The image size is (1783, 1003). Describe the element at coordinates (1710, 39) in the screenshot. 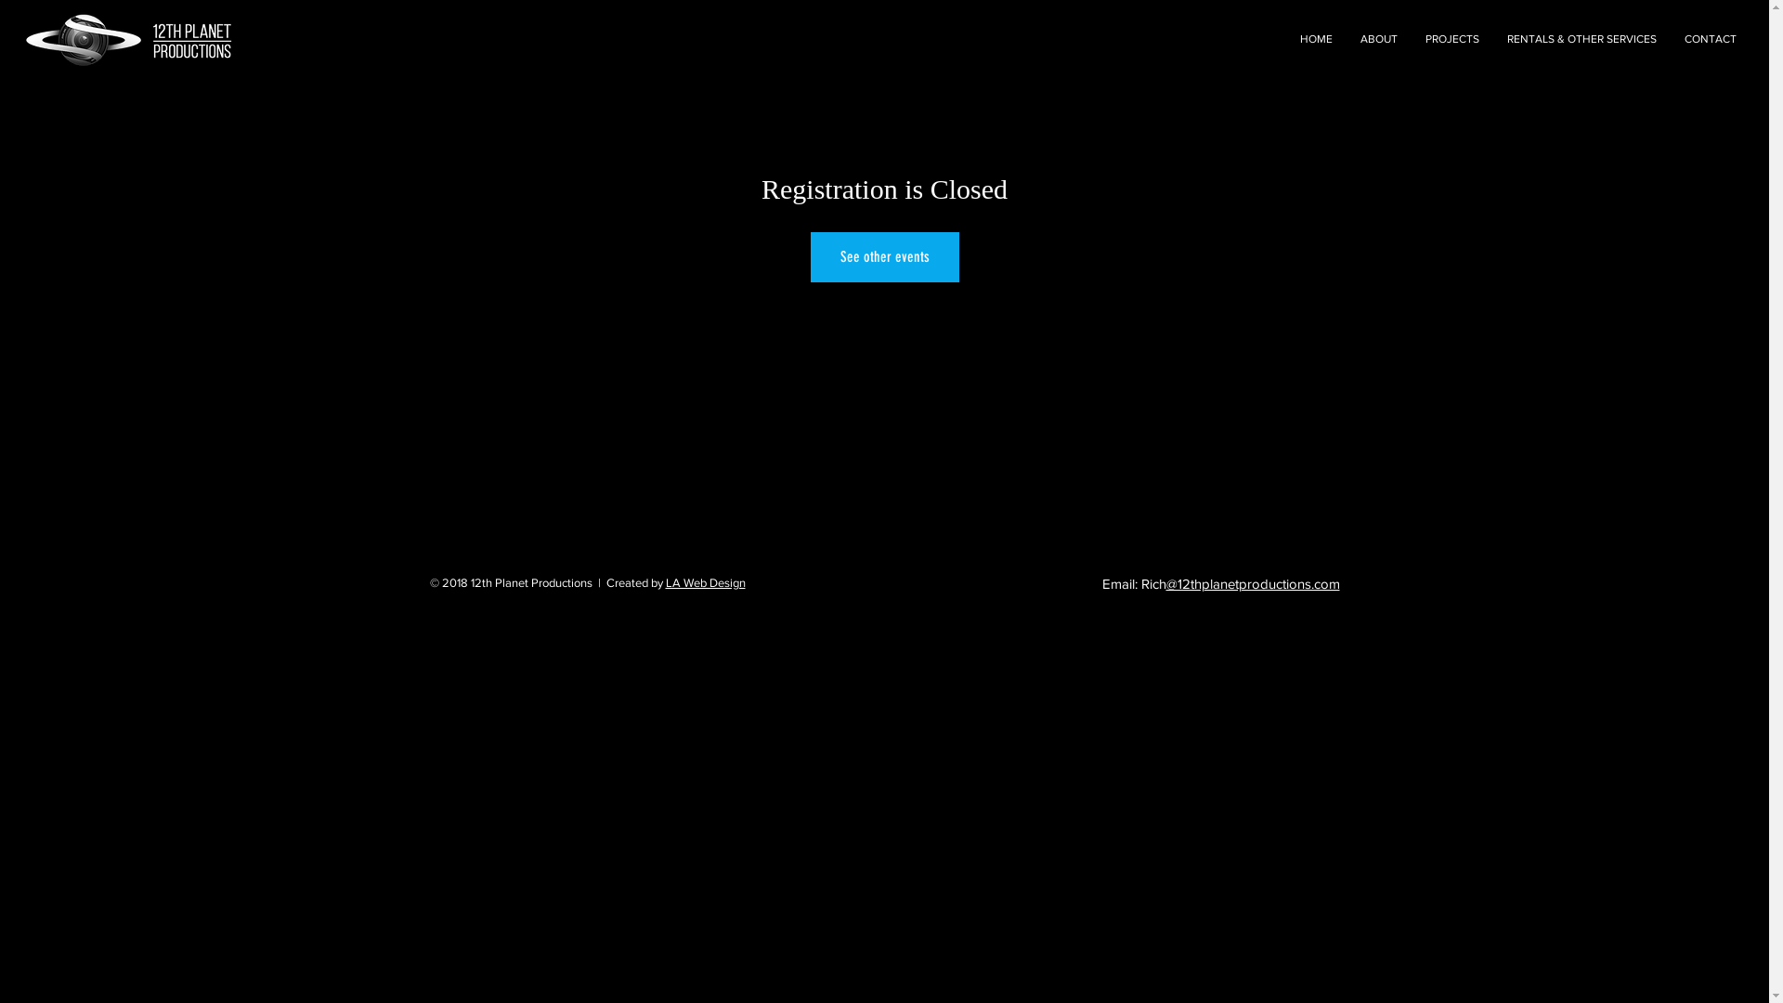

I see `'CONTACT'` at that location.